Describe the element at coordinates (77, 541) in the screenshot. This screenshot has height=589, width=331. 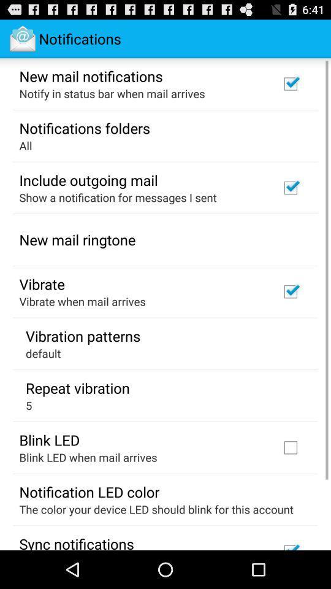
I see `sync notifications app` at that location.